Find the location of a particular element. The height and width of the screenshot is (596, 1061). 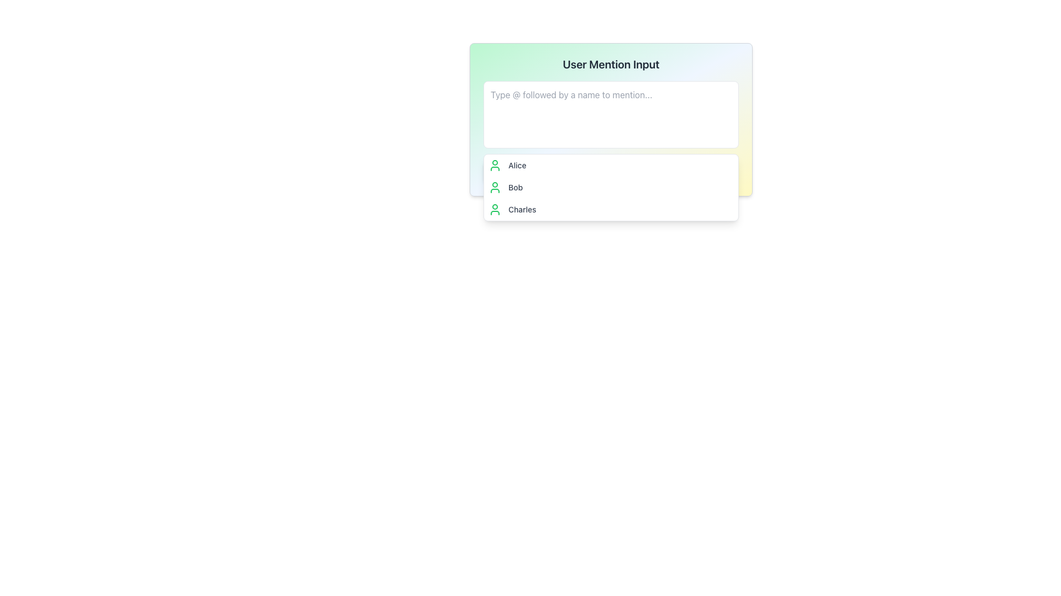

the list item labeled 'Bob' in the dropdown menu is located at coordinates (610, 187).